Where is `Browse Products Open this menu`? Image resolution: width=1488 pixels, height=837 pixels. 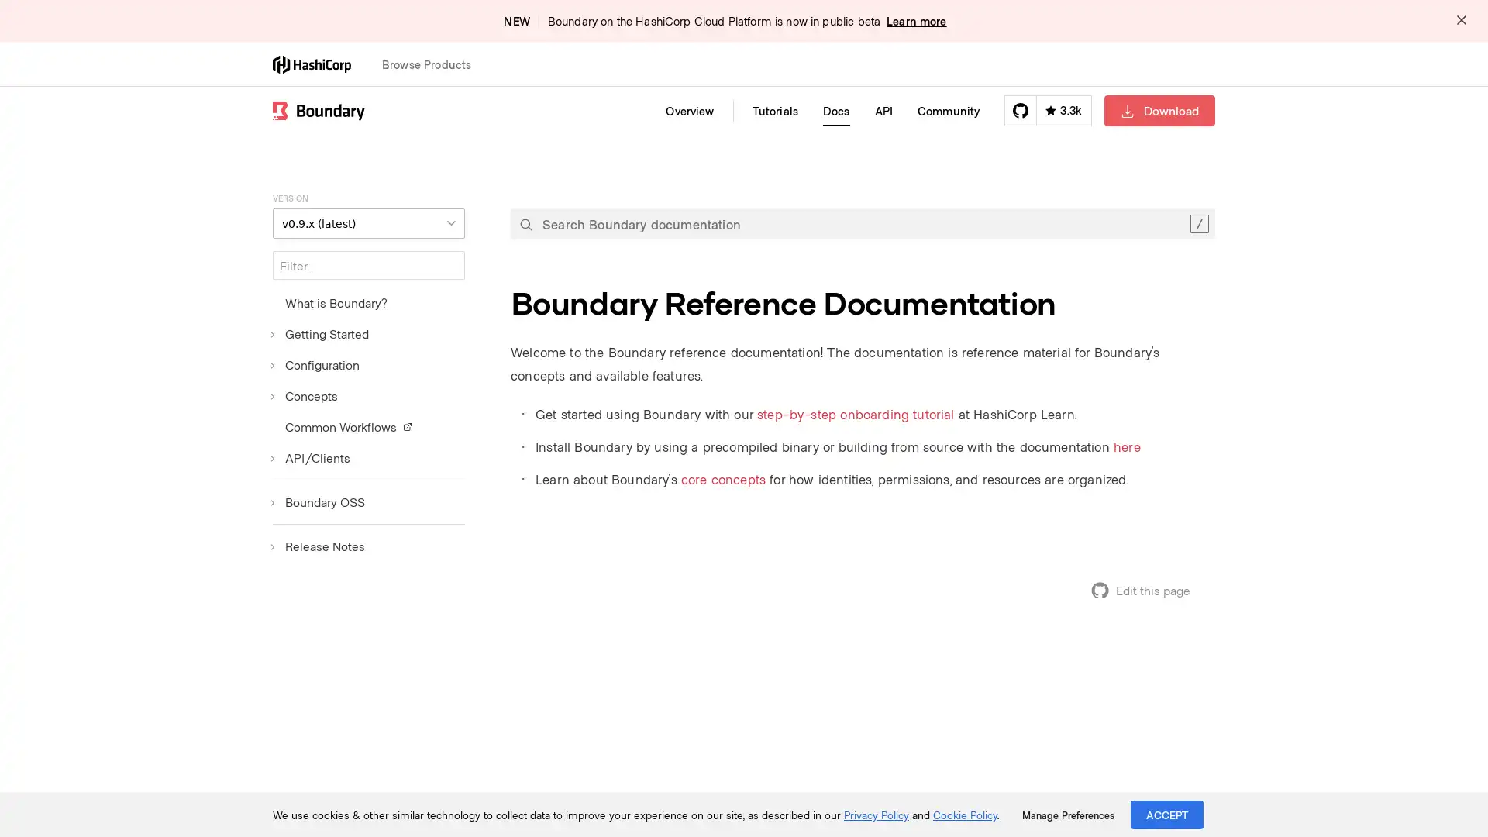
Browse Products Open this menu is located at coordinates (433, 64).